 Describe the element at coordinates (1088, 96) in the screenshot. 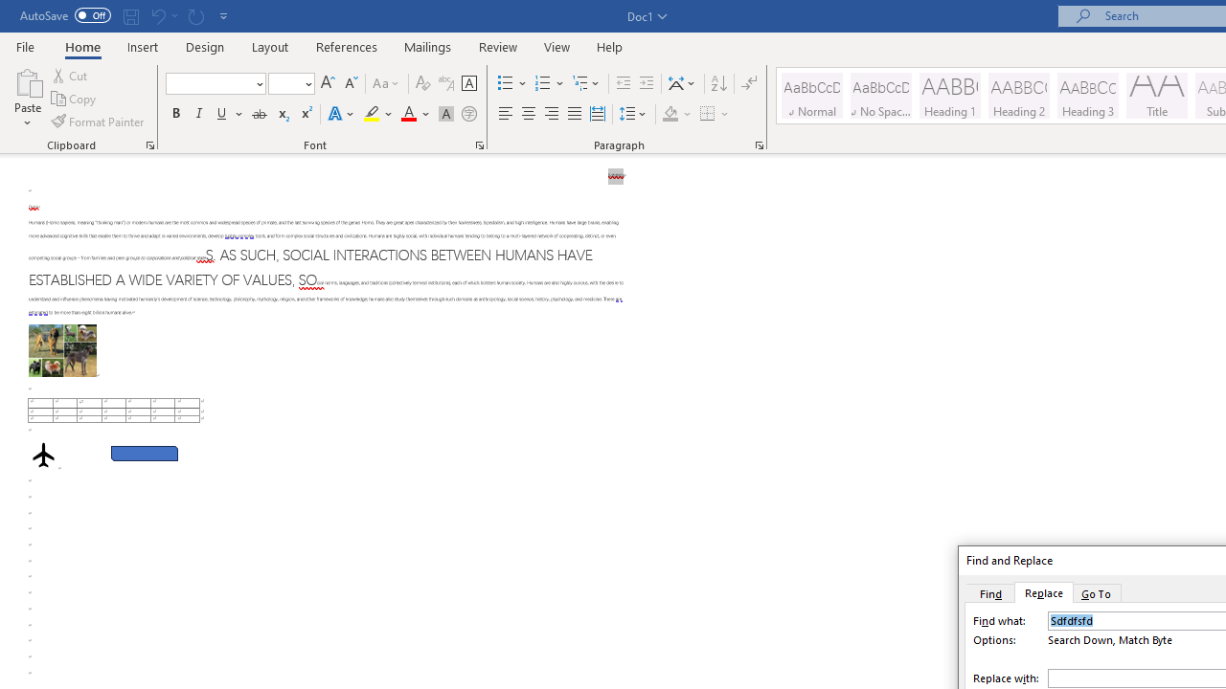

I see `'Heading 3'` at that location.